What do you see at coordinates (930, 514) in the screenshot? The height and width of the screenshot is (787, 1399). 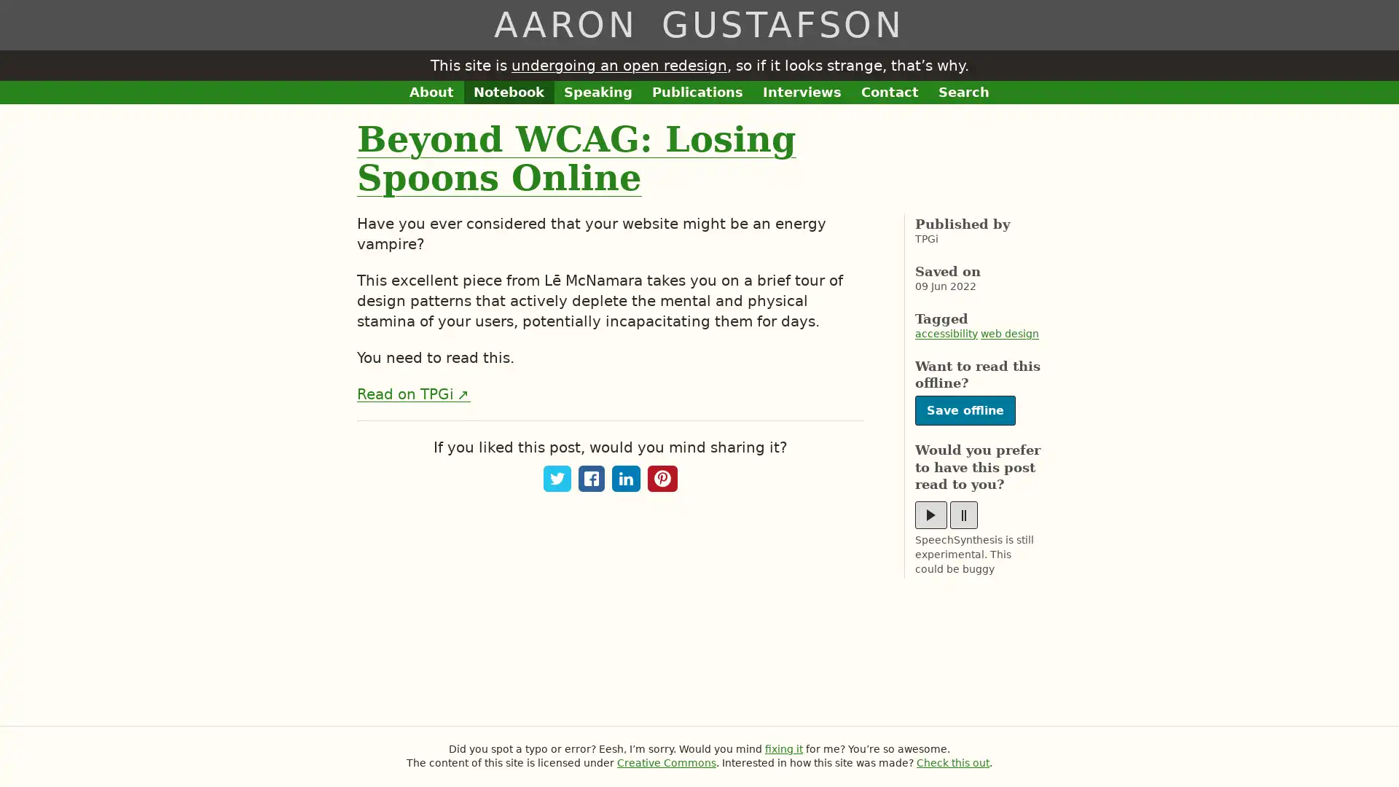 I see `Play` at bounding box center [930, 514].